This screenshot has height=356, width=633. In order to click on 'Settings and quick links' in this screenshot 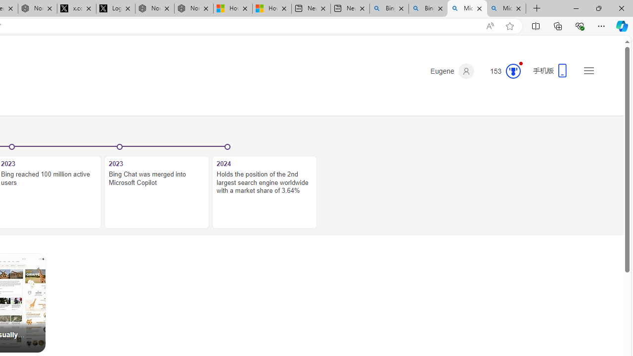, I will do `click(589, 70)`.